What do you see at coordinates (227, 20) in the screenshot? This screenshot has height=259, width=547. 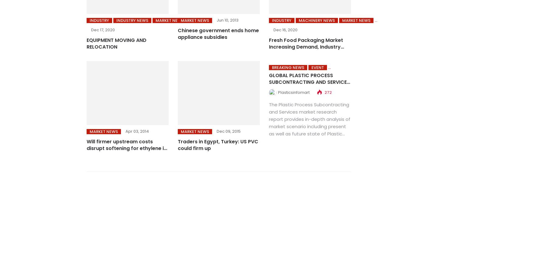 I see `'Jun 10, 2013'` at bounding box center [227, 20].